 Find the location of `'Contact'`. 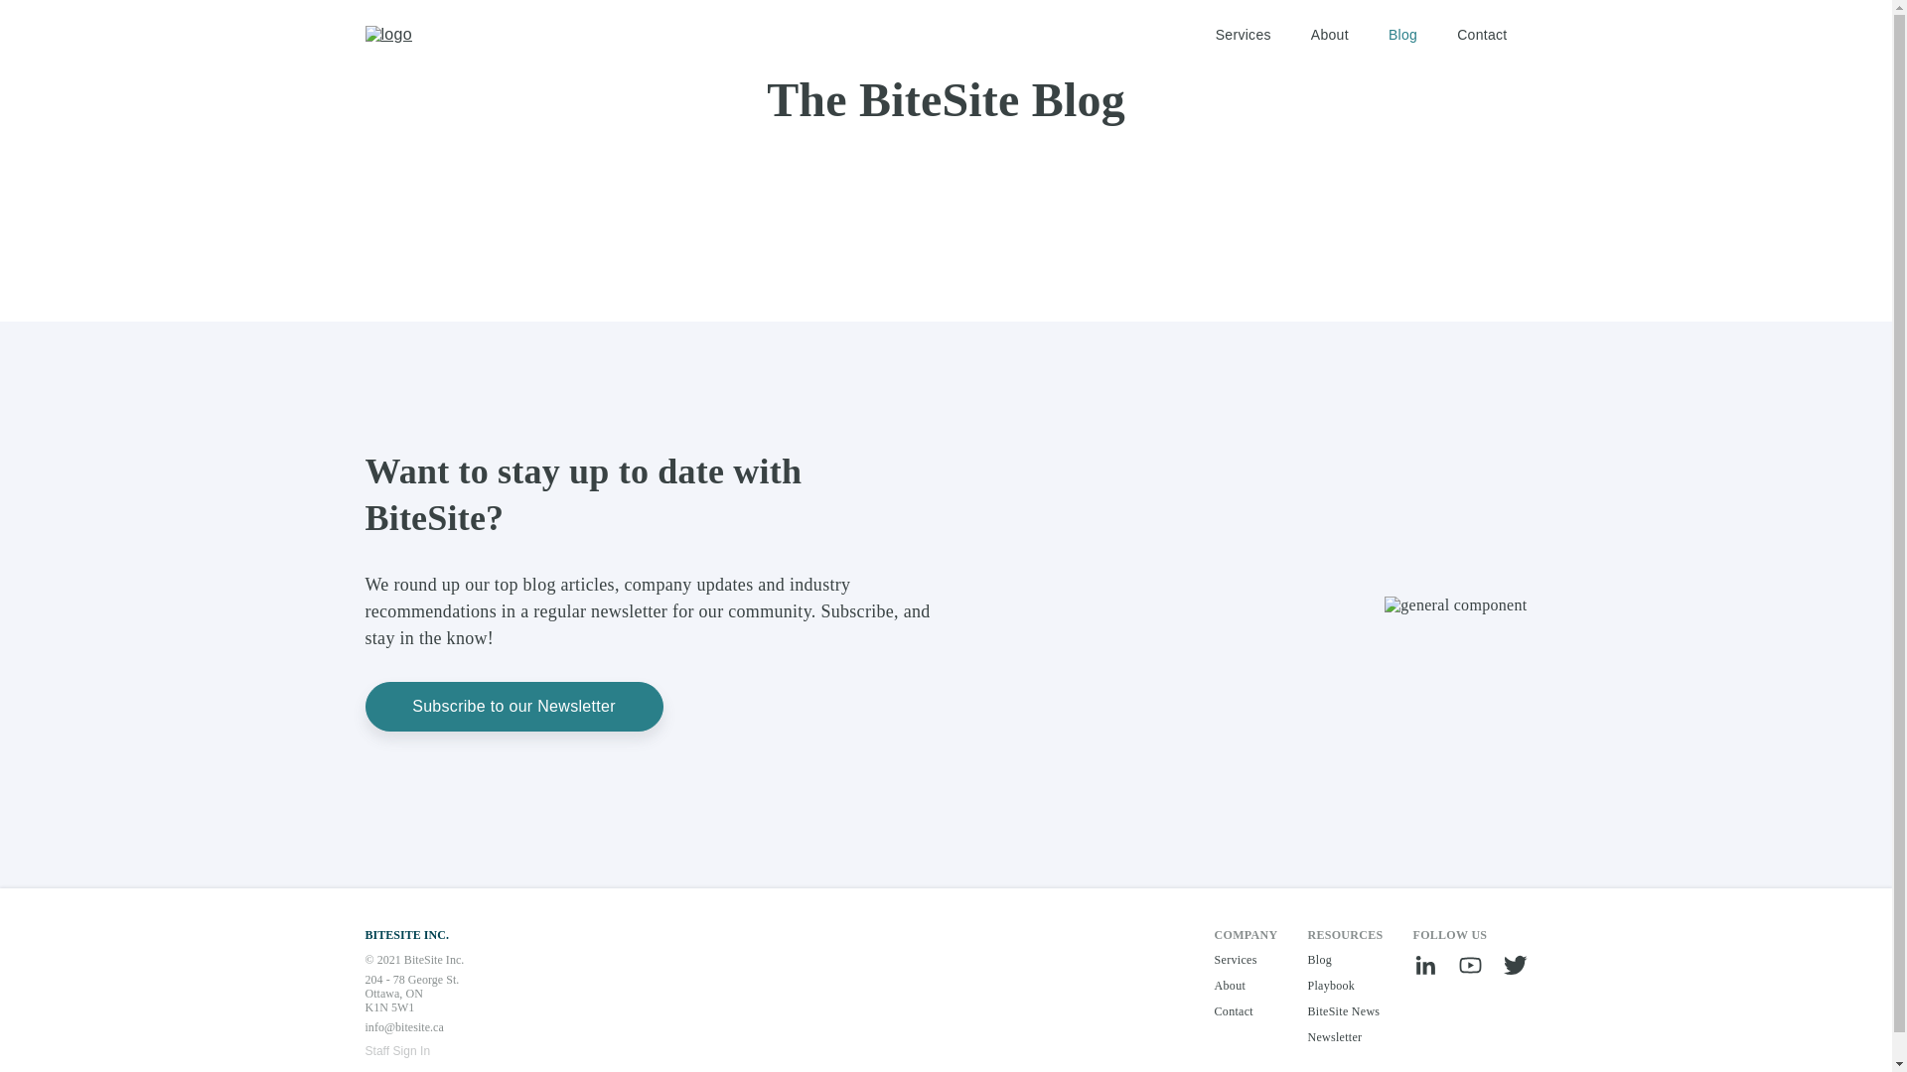

'Contact' is located at coordinates (1214, 1010).